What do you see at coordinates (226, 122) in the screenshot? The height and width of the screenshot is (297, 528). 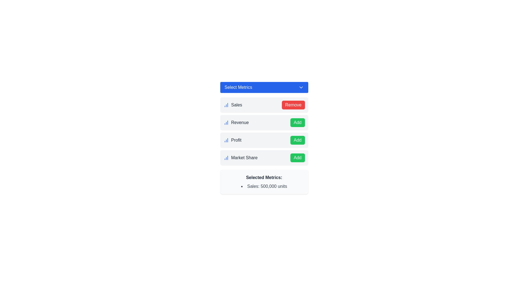 I see `the blue column chart icon located to the left of the 'Revenue' text, which is the second element in the vertical list of icons` at bounding box center [226, 122].